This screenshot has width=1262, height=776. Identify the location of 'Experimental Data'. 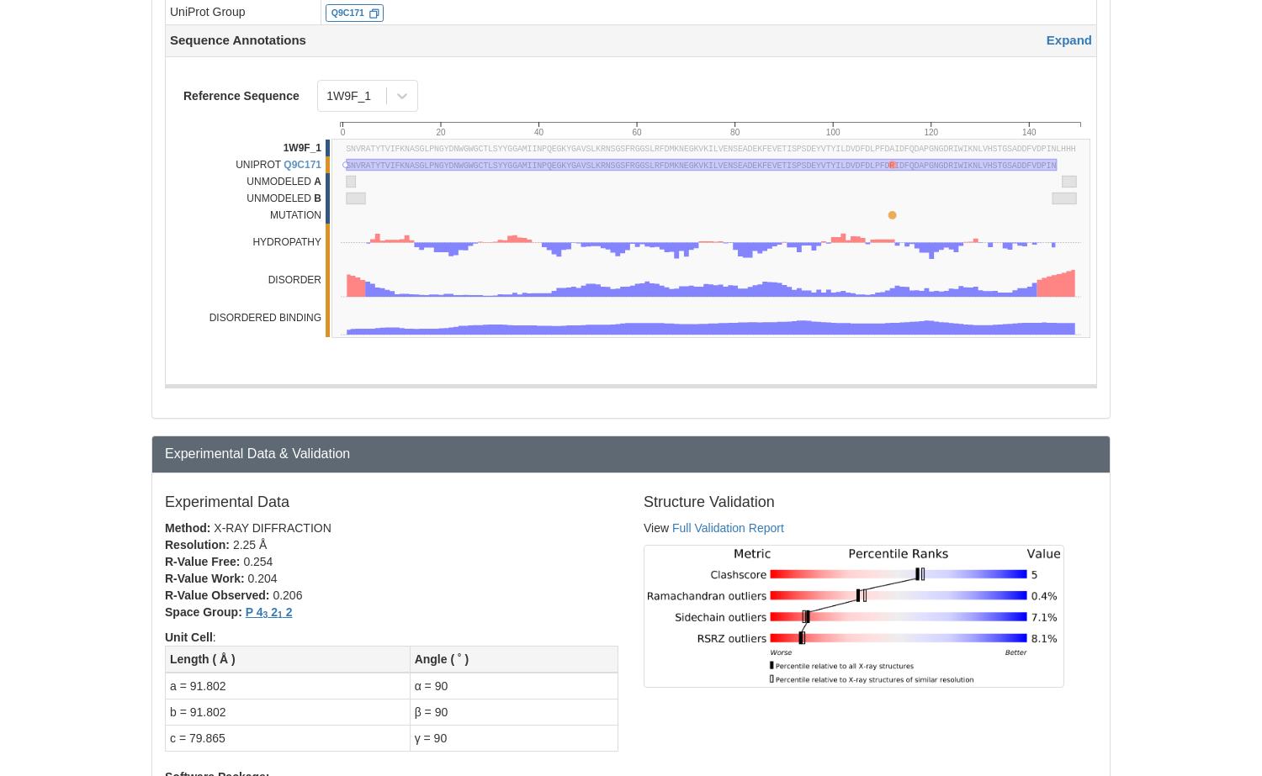
(164, 499).